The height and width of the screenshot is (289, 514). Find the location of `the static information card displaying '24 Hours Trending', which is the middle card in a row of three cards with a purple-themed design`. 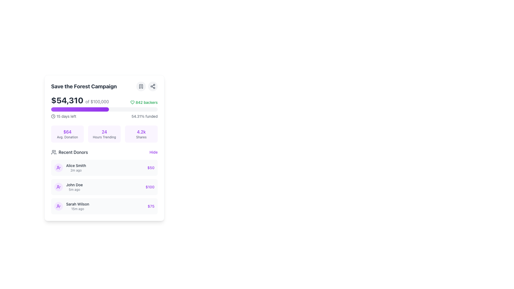

the static information card displaying '24 Hours Trending', which is the middle card in a row of three cards with a purple-themed design is located at coordinates (104, 134).